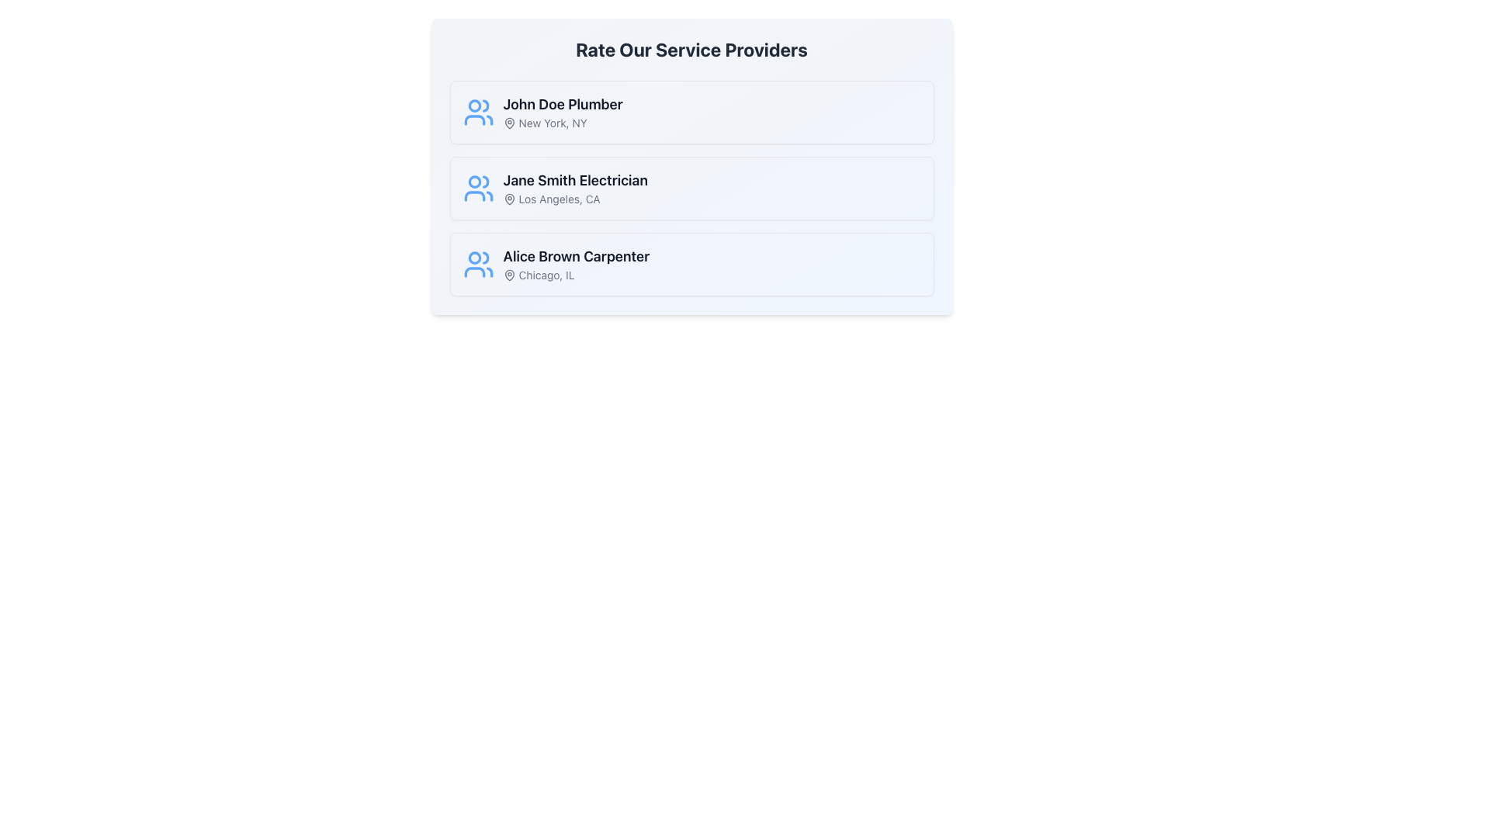  I want to click on the 'Los Angeles, CA' label displaying a small-sized, gray font with a gray map pin icon to the left, so click(574, 199).